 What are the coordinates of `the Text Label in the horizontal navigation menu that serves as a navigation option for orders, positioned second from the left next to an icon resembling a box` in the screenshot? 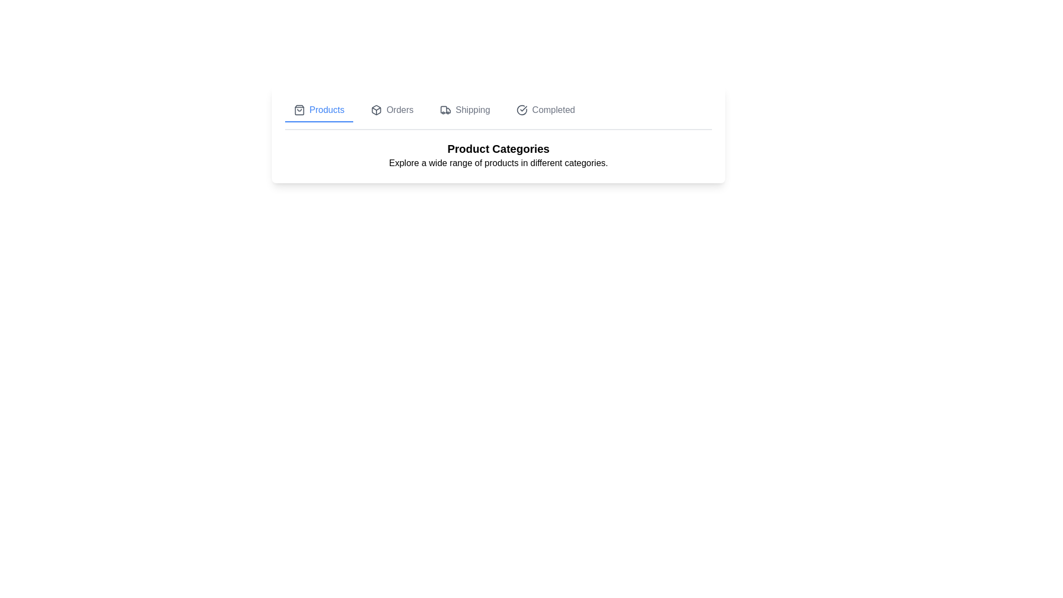 It's located at (399, 110).